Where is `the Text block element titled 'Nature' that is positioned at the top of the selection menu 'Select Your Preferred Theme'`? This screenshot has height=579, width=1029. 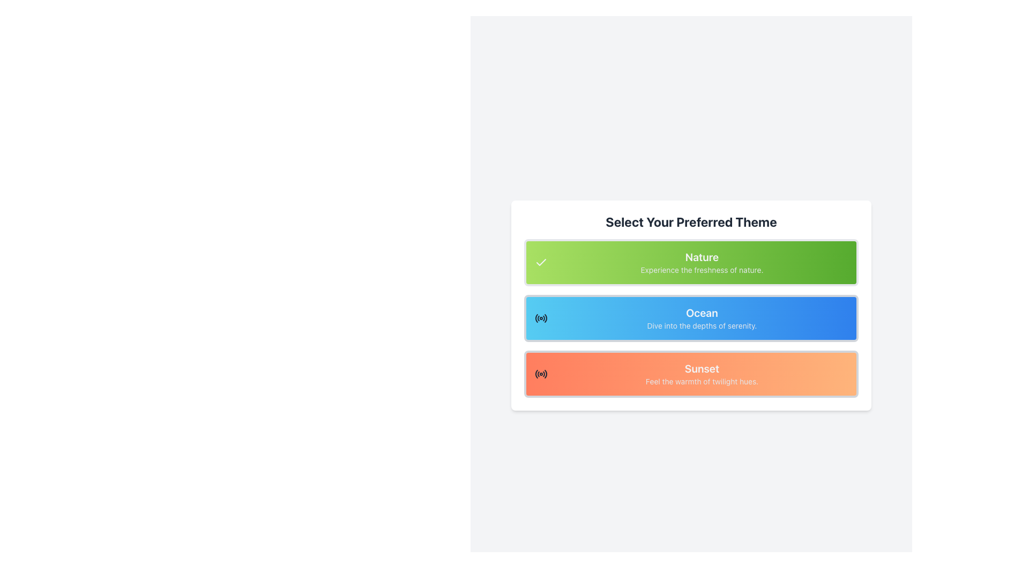
the Text block element titled 'Nature' that is positioned at the top of the selection menu 'Select Your Preferred Theme' is located at coordinates (702, 262).